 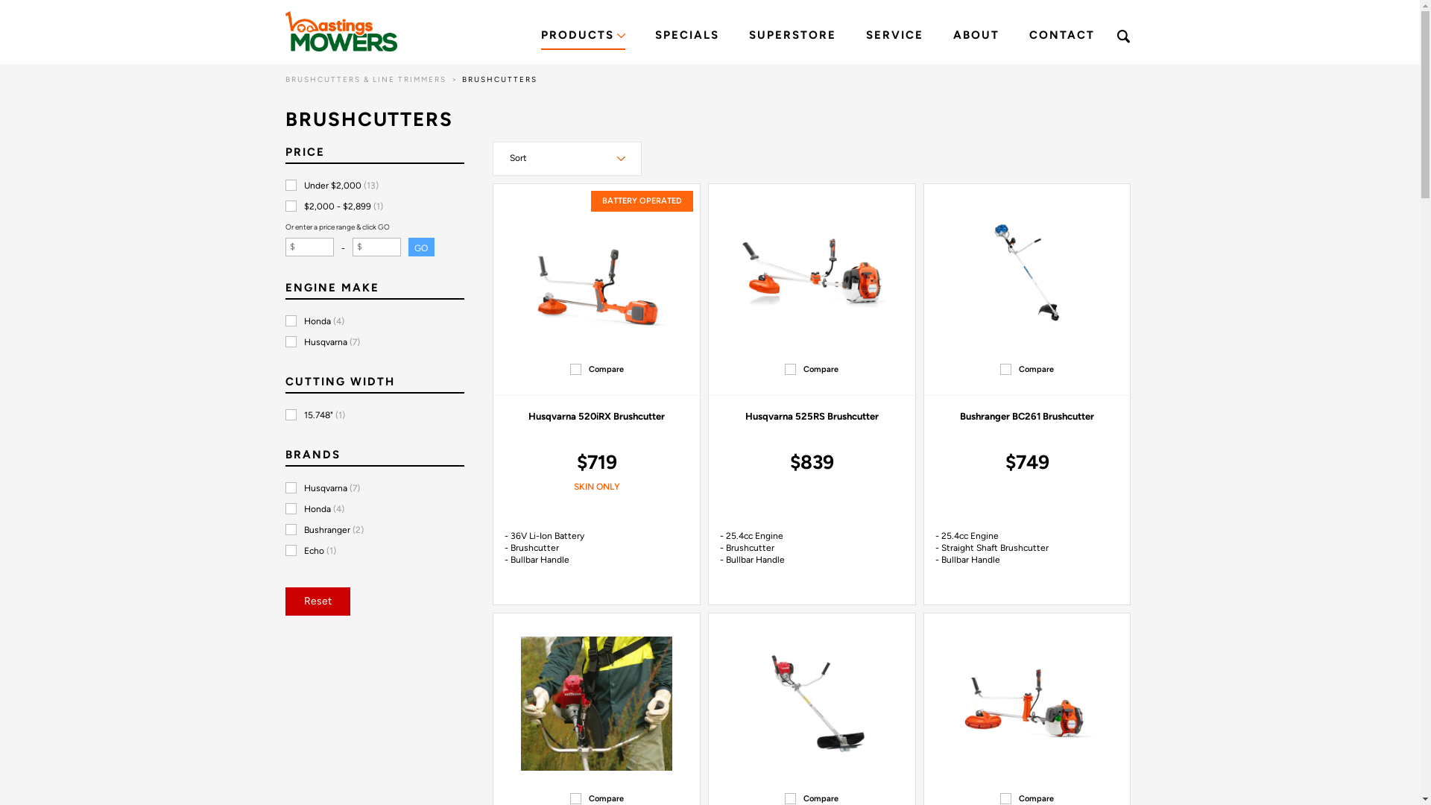 What do you see at coordinates (339, 31) in the screenshot?
I see `'Hastings Mowers'` at bounding box center [339, 31].